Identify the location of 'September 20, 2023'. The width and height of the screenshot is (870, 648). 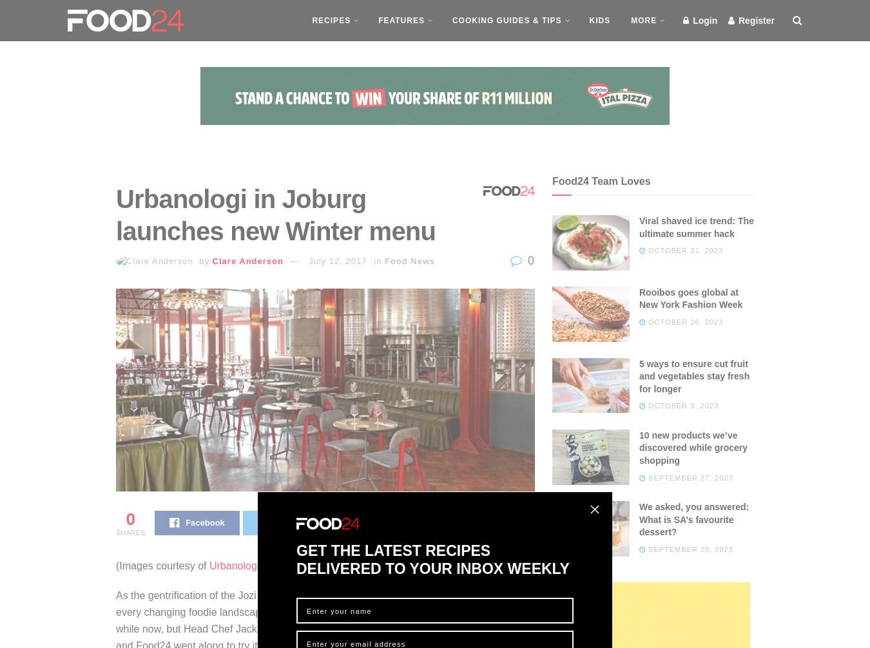
(689, 548).